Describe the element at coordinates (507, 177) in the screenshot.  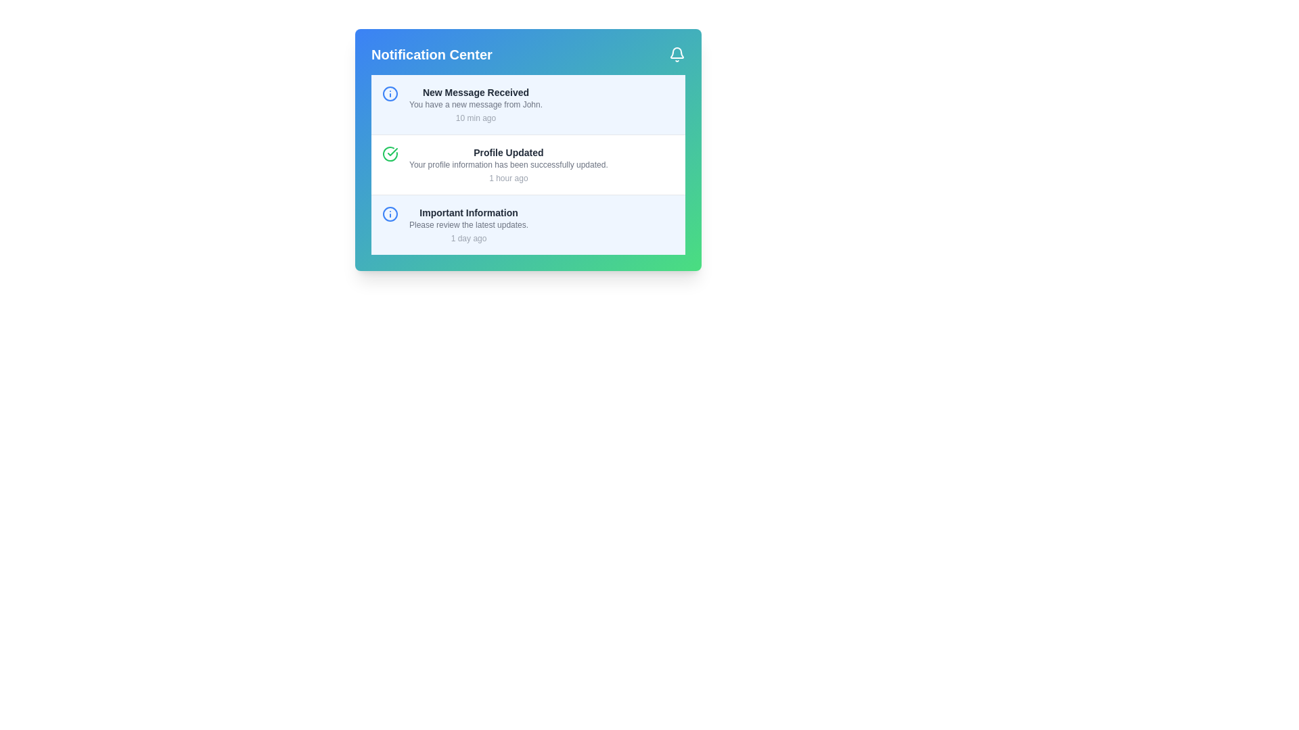
I see `the Text Label displaying the elapsed time for the 'Profile Updated' notification, located in the lower-right segment of the notification card` at that location.